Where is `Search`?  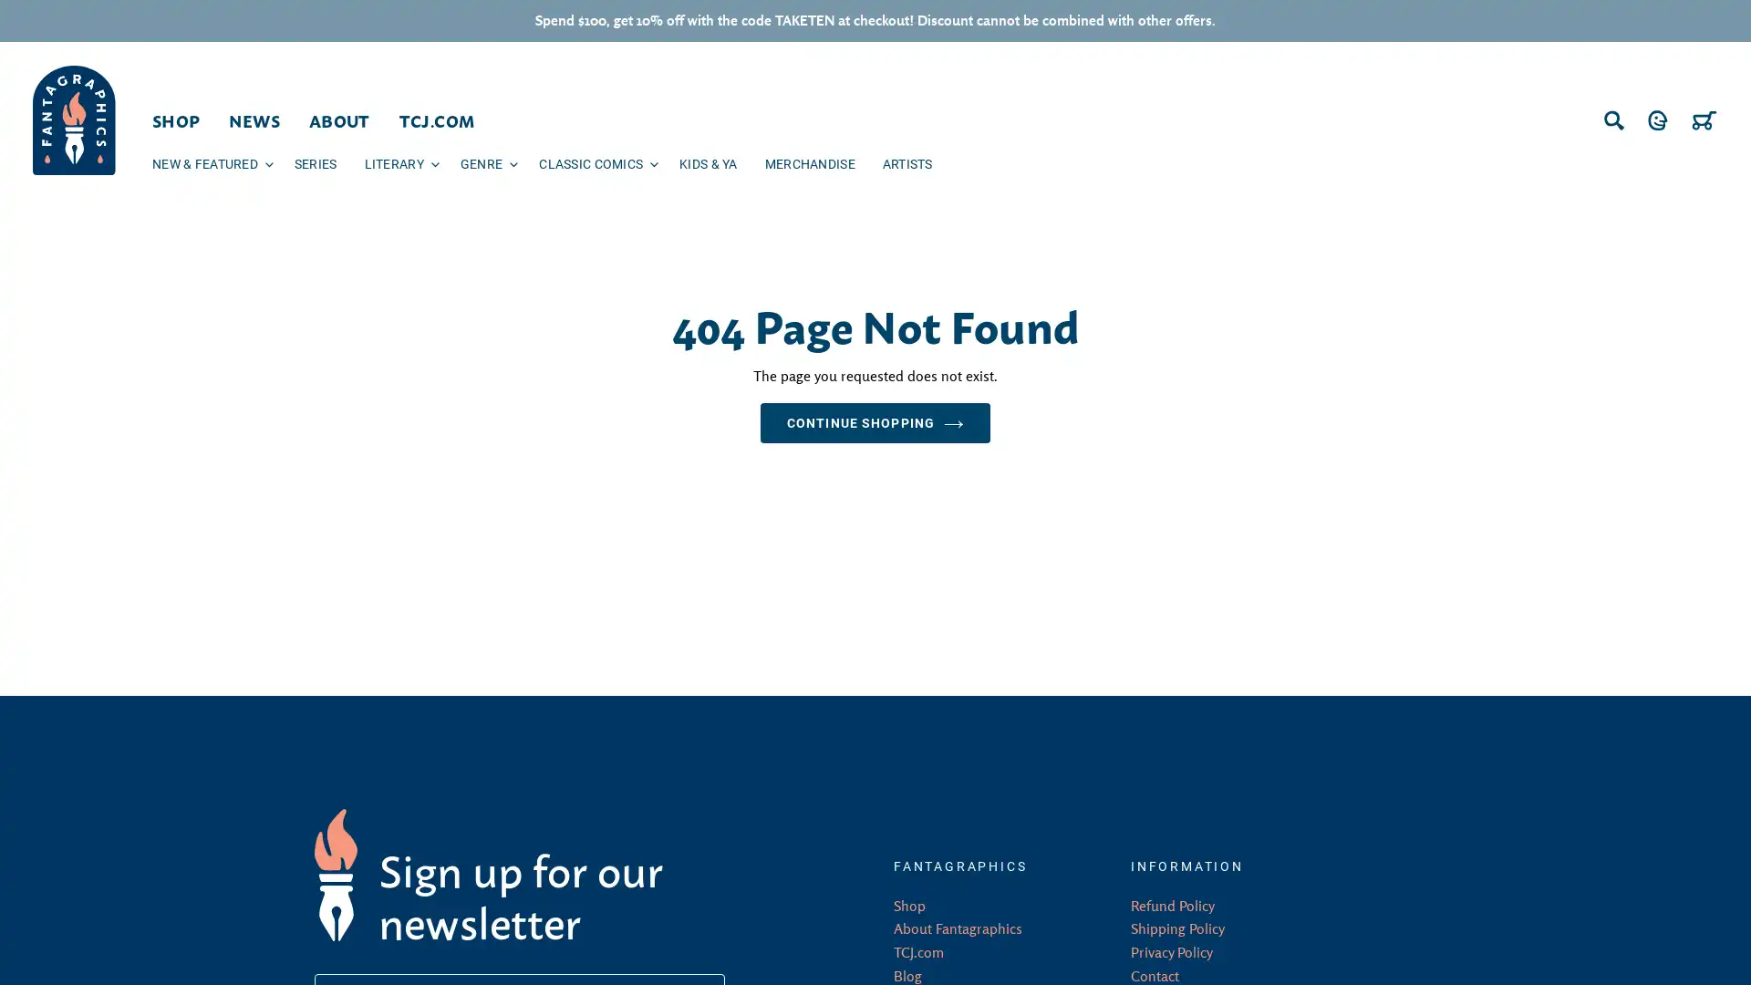
Search is located at coordinates (1614, 119).